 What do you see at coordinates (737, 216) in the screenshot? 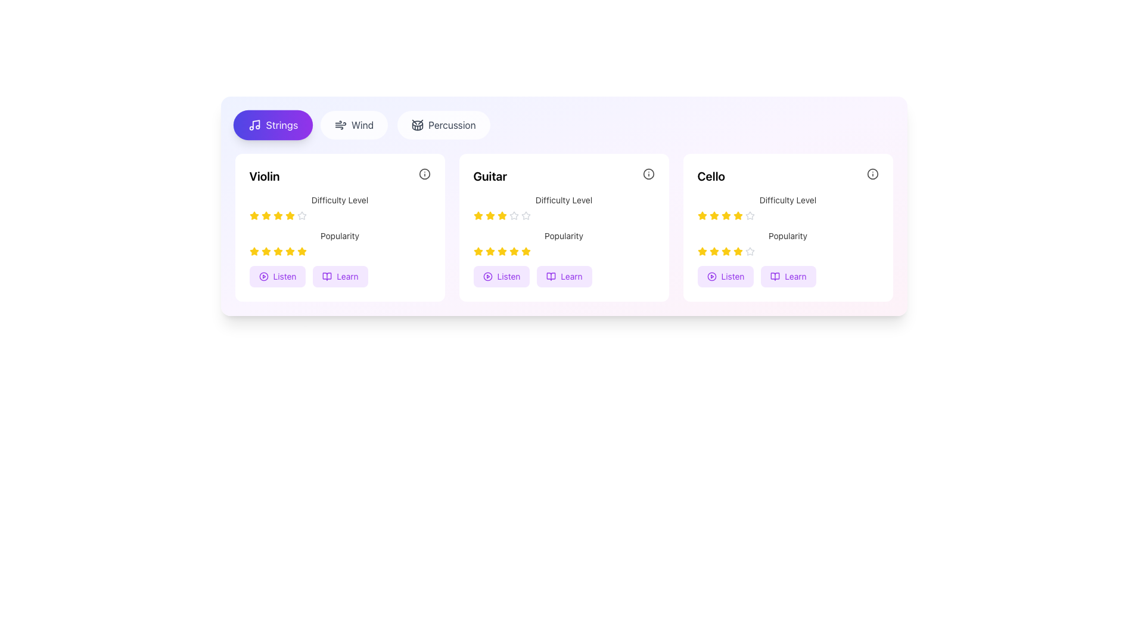
I see `the display properties of the fifth rating star icon in the row of stars, which visually represents a five-star score` at bounding box center [737, 216].